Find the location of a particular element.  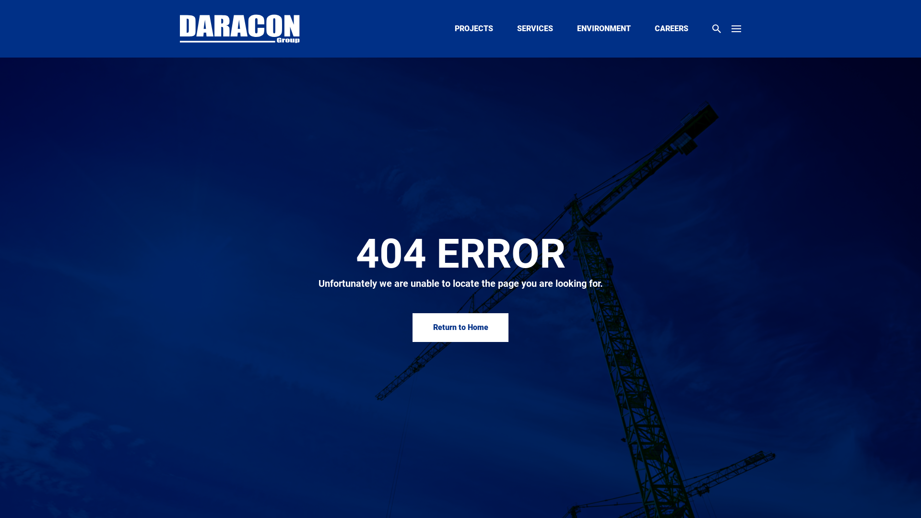

'ENVIRONMENT' is located at coordinates (577, 28).